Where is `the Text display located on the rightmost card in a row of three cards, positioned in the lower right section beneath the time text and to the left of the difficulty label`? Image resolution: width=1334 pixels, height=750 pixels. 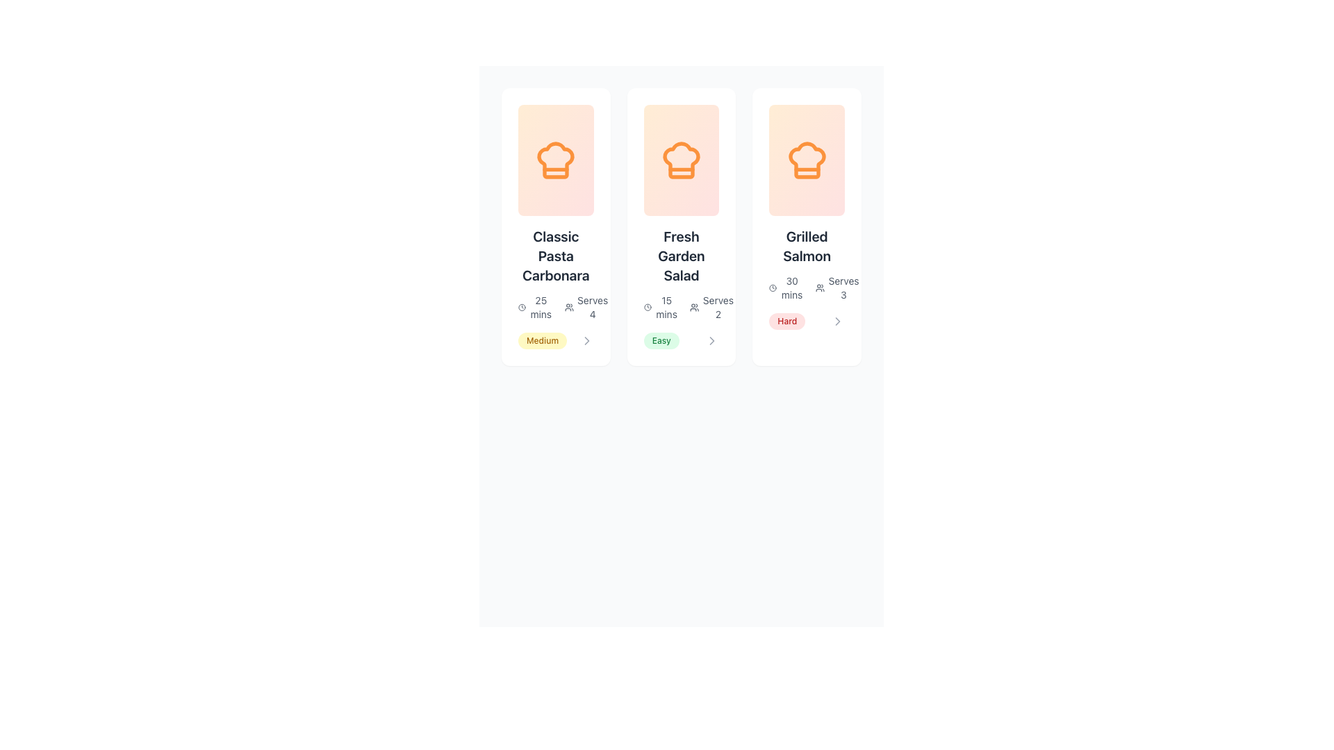
the Text display located on the rightmost card in a row of three cards, positioned in the lower right section beneath the time text and to the left of the difficulty label is located at coordinates (843, 287).